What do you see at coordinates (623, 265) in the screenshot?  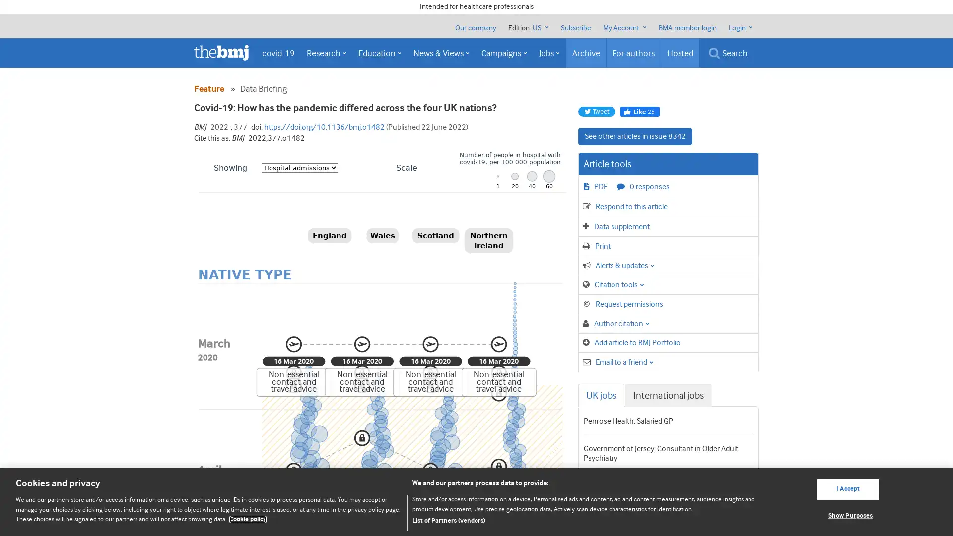 I see `Alerts & updates` at bounding box center [623, 265].